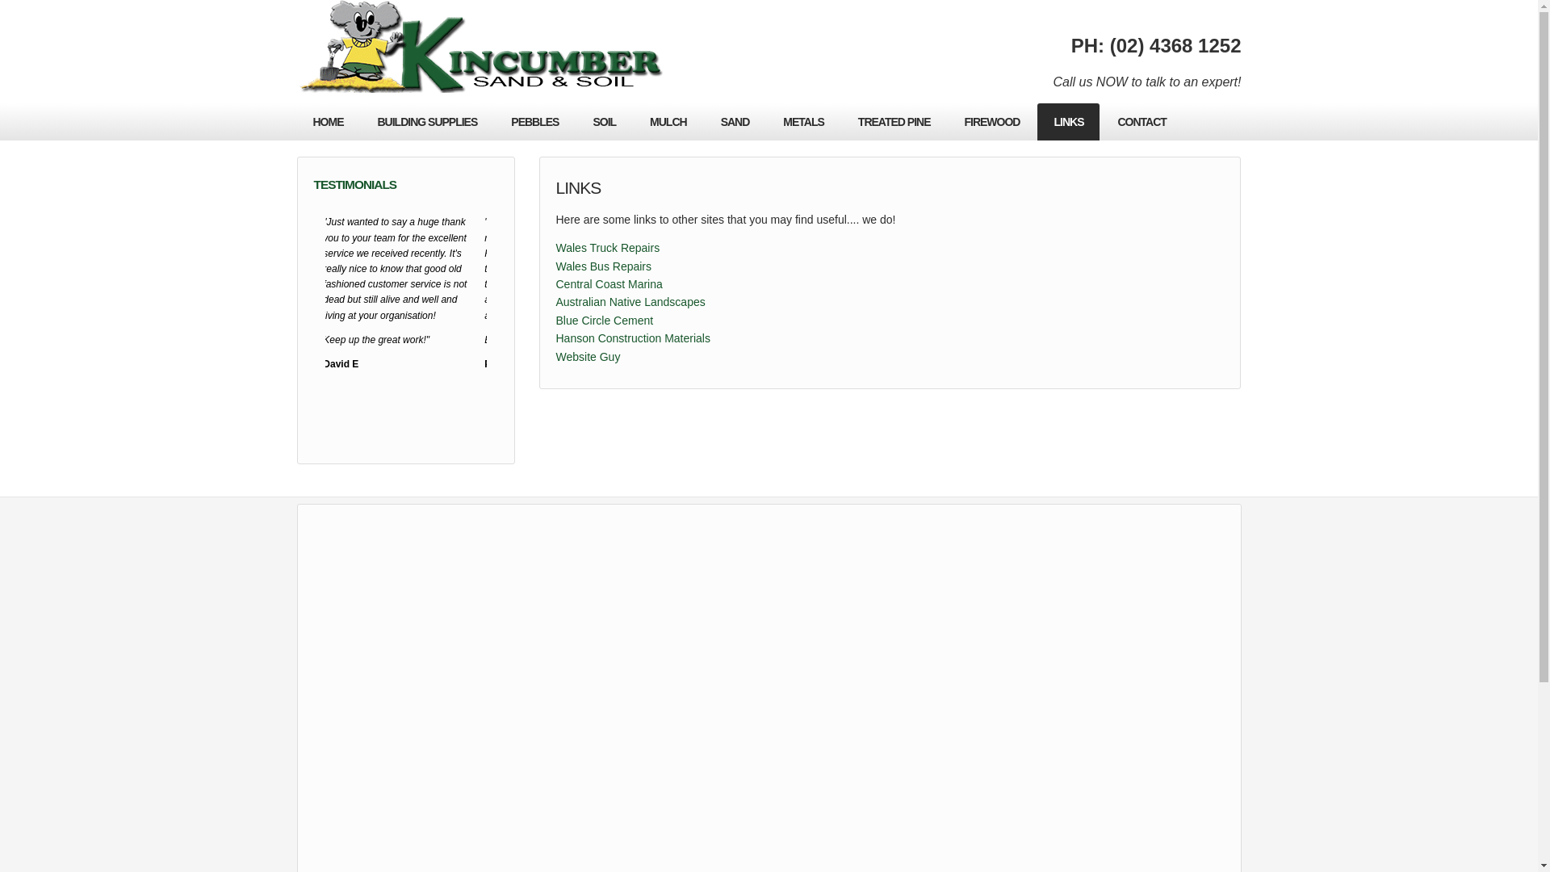 Image resolution: width=1550 pixels, height=872 pixels. What do you see at coordinates (735, 120) in the screenshot?
I see `'SAND'` at bounding box center [735, 120].